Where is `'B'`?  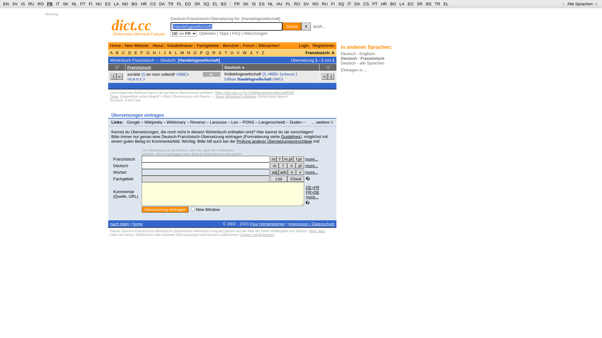 'B' is located at coordinates (117, 52).